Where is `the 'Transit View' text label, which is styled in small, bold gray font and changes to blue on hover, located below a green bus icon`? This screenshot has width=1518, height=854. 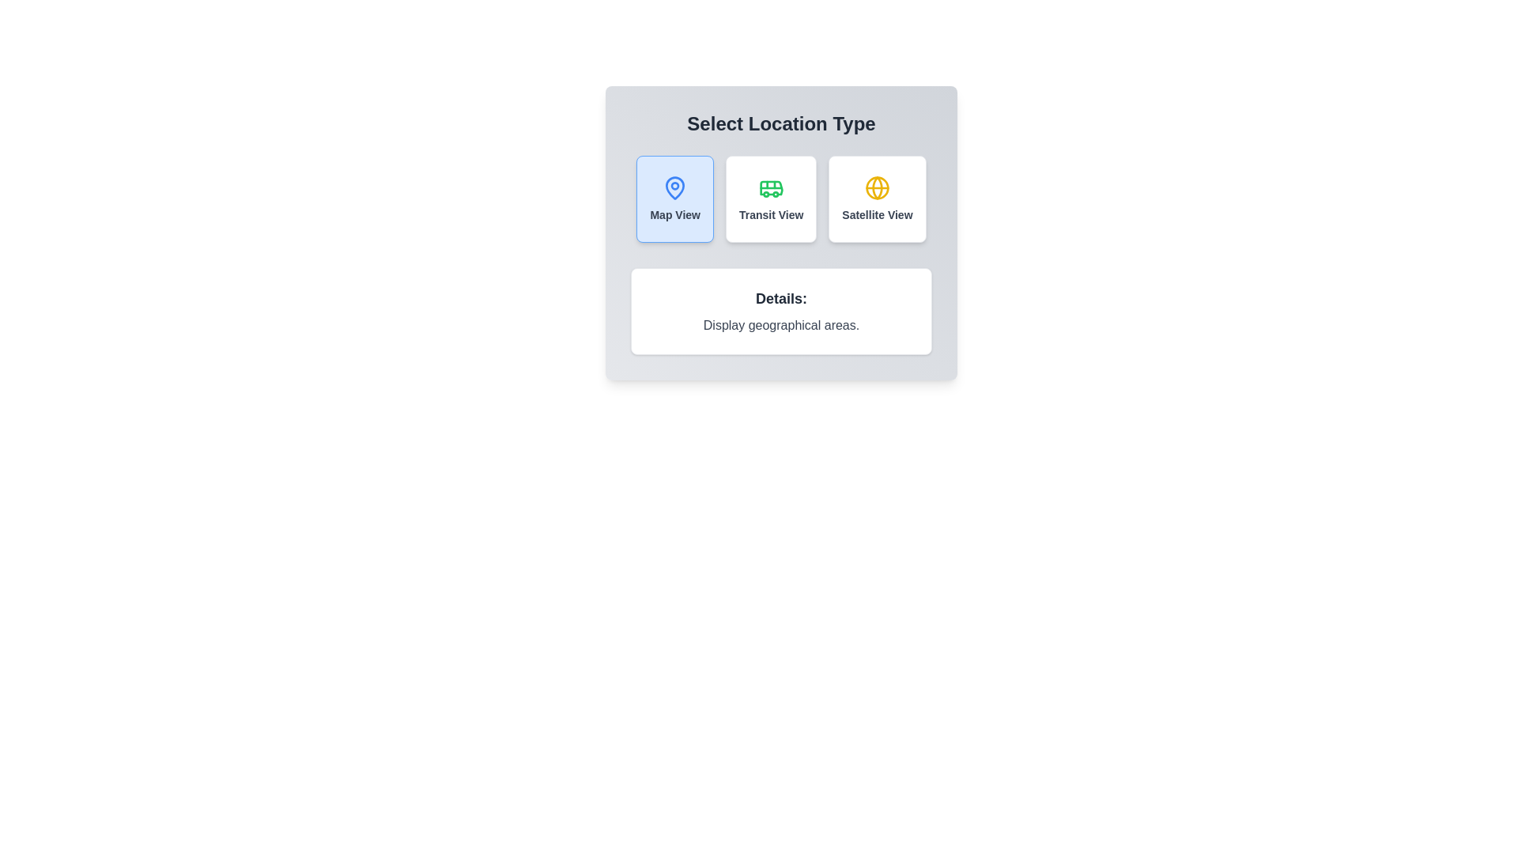
the 'Transit View' text label, which is styled in small, bold gray font and changes to blue on hover, located below a green bus icon is located at coordinates (771, 215).